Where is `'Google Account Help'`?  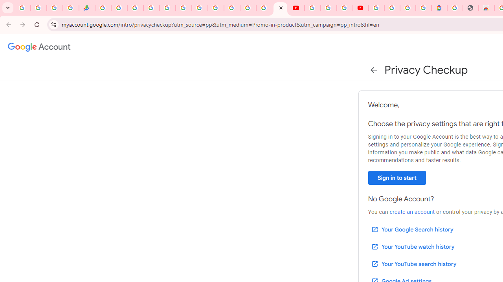
'Google Account Help' is located at coordinates (329, 8).